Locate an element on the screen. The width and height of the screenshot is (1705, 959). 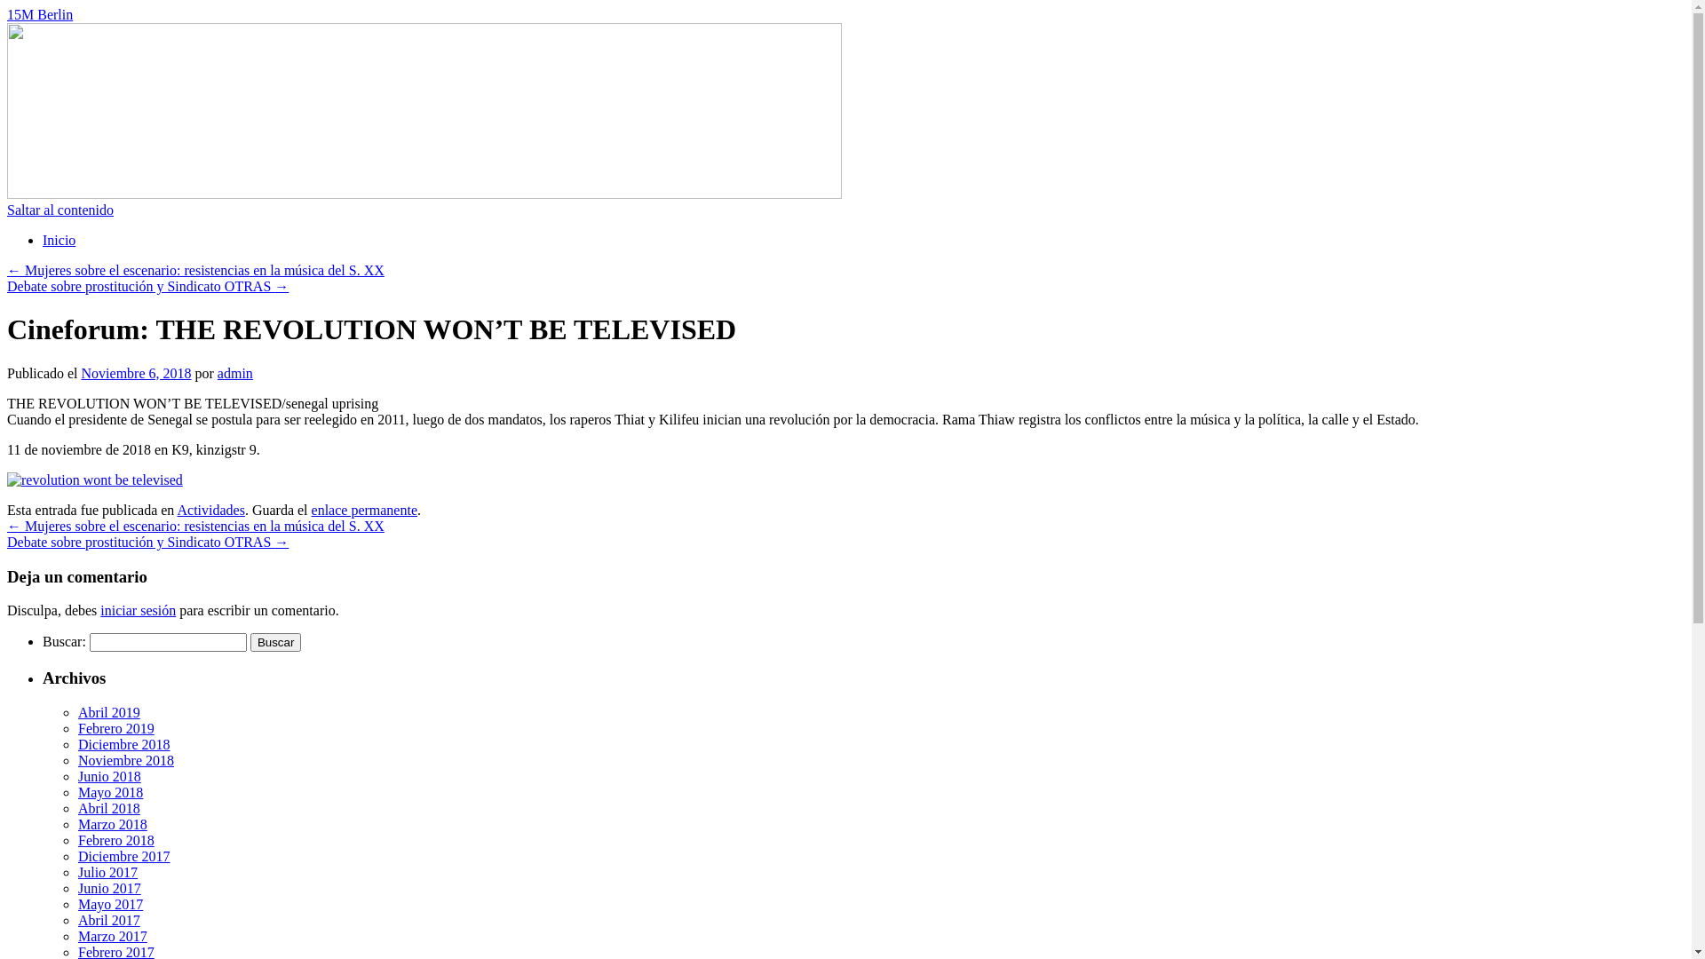
'admin' is located at coordinates (234, 372).